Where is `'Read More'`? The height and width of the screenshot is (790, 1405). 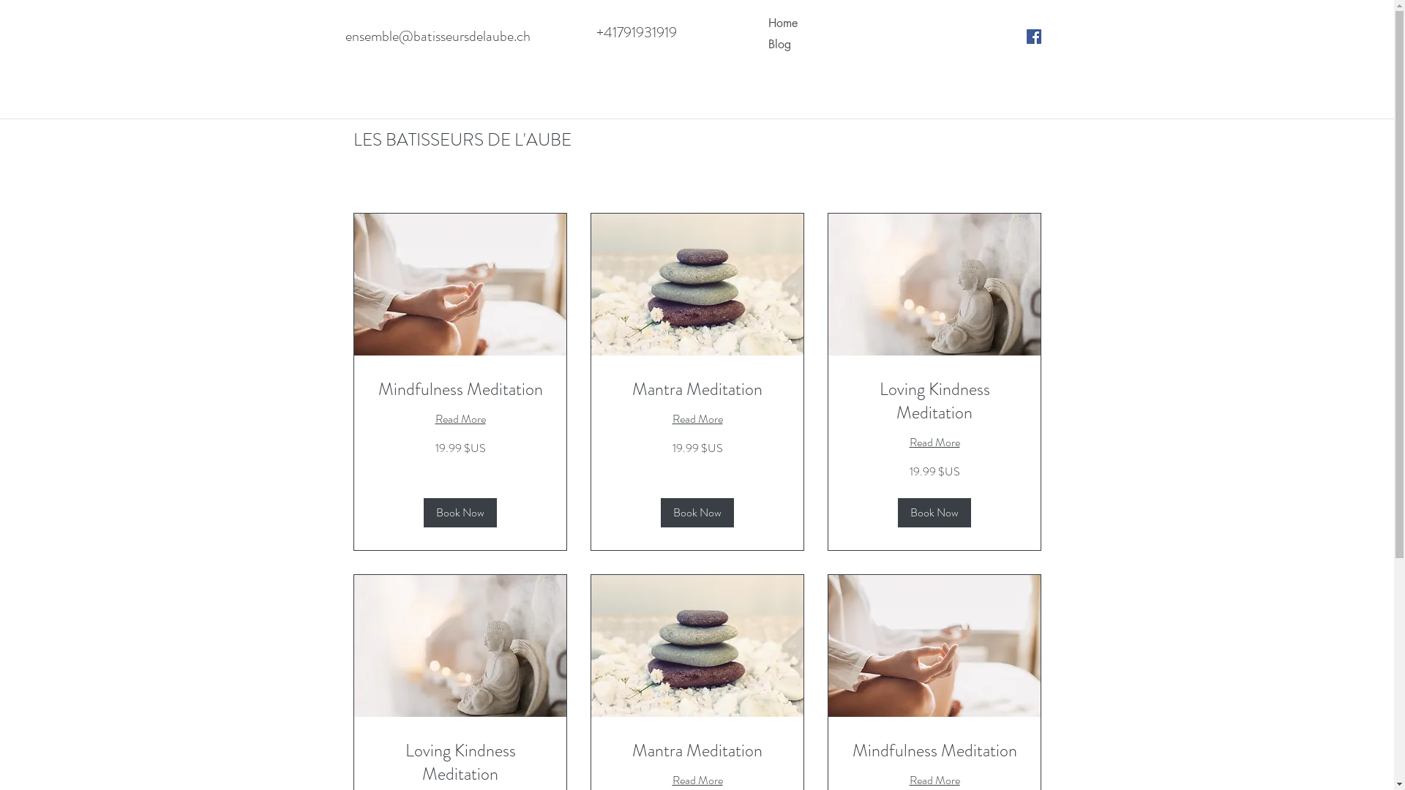
'Read More' is located at coordinates (696, 780).